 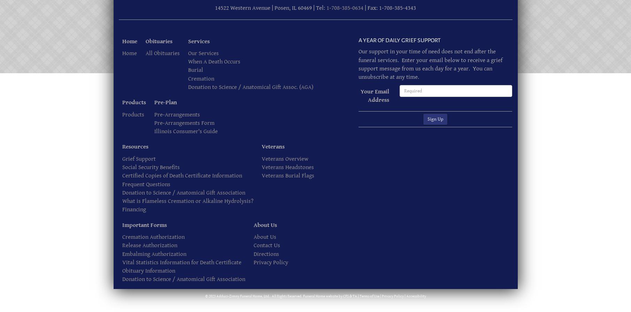 I want to click on 'Veterans Overview', so click(x=261, y=158).